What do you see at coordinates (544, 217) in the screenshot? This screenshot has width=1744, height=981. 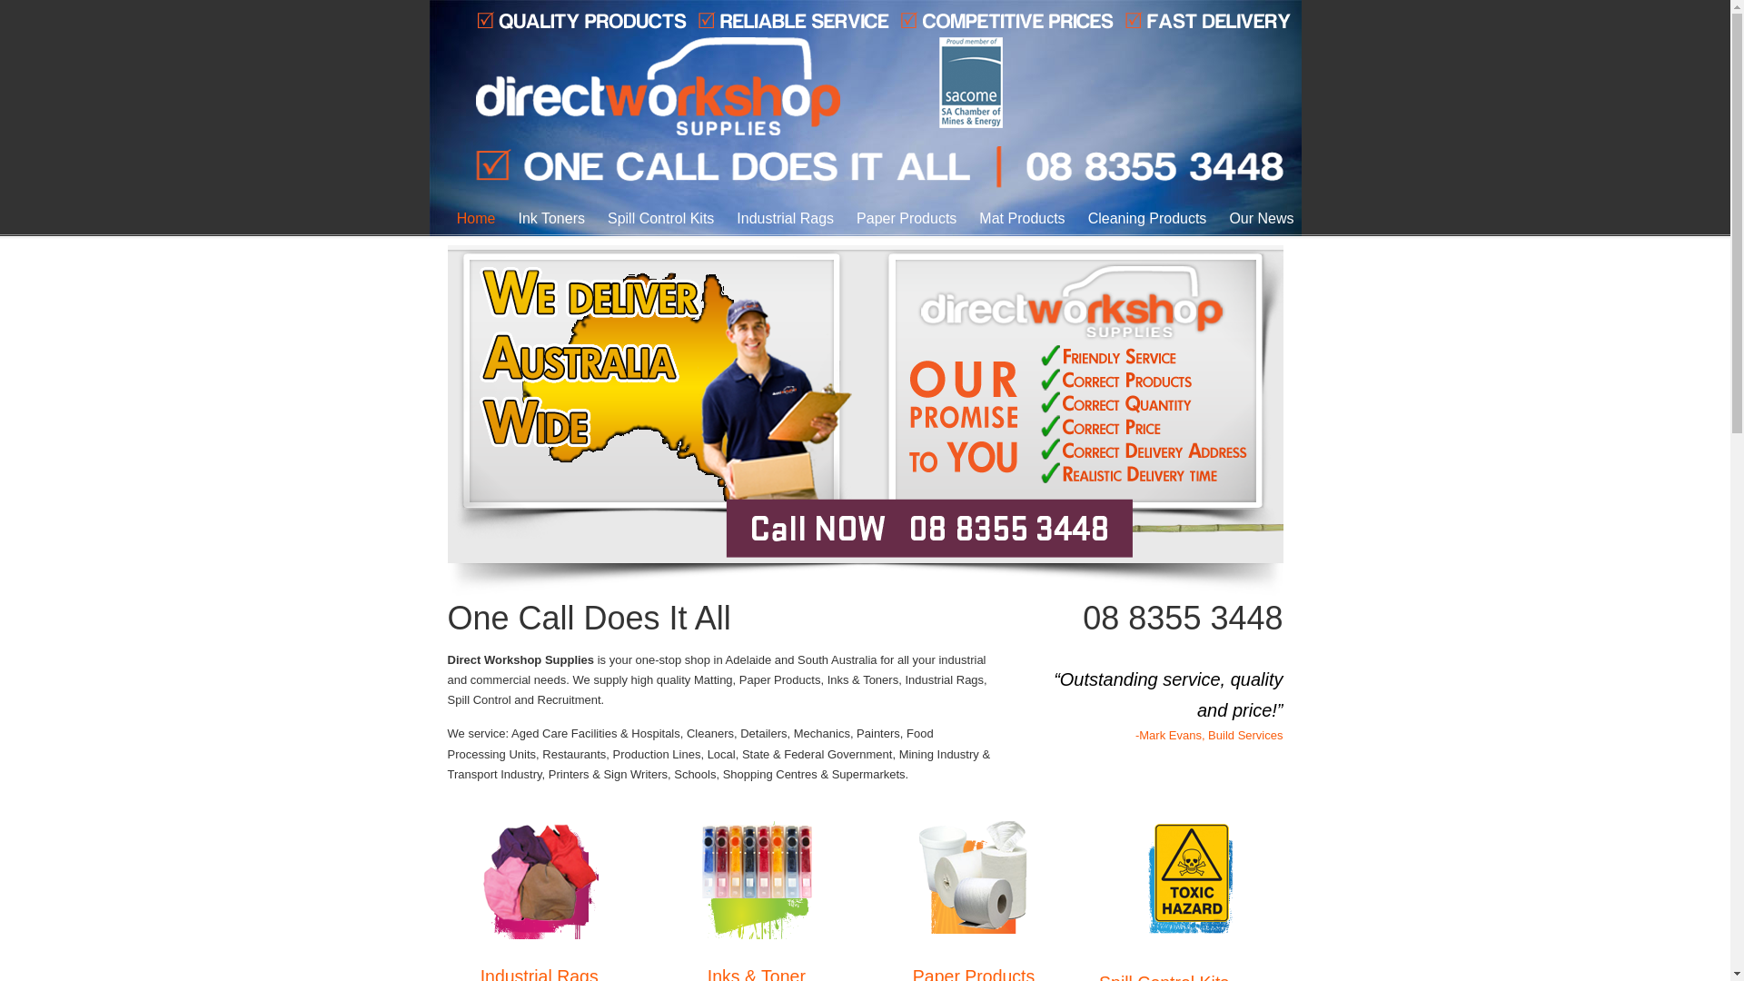 I see `'Ink Toners'` at bounding box center [544, 217].